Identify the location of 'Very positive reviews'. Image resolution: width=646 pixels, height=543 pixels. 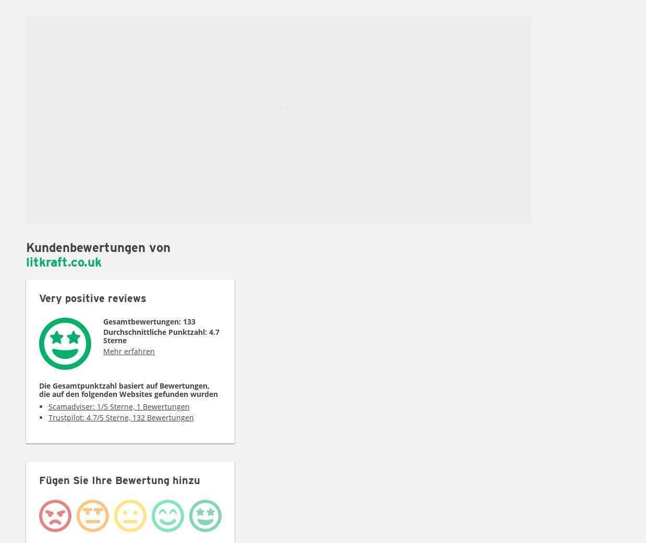
(92, 298).